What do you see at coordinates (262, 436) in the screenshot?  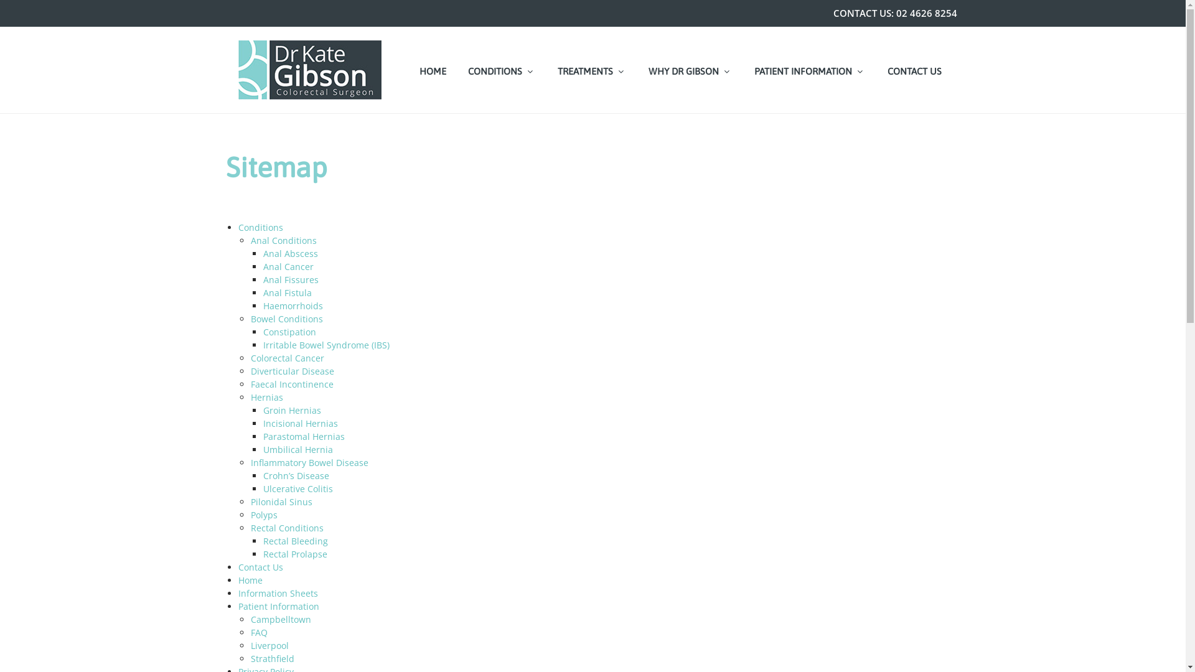 I see `'Parastomal Hernias'` at bounding box center [262, 436].